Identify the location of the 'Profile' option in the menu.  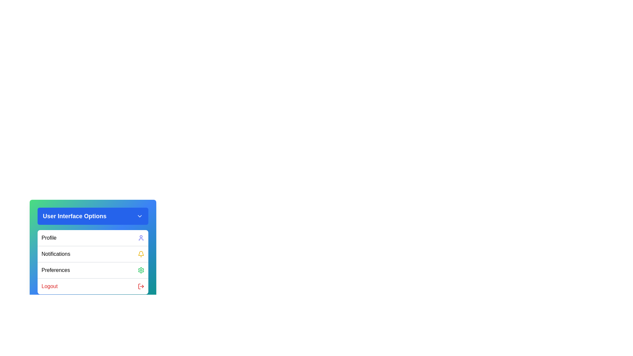
(93, 238).